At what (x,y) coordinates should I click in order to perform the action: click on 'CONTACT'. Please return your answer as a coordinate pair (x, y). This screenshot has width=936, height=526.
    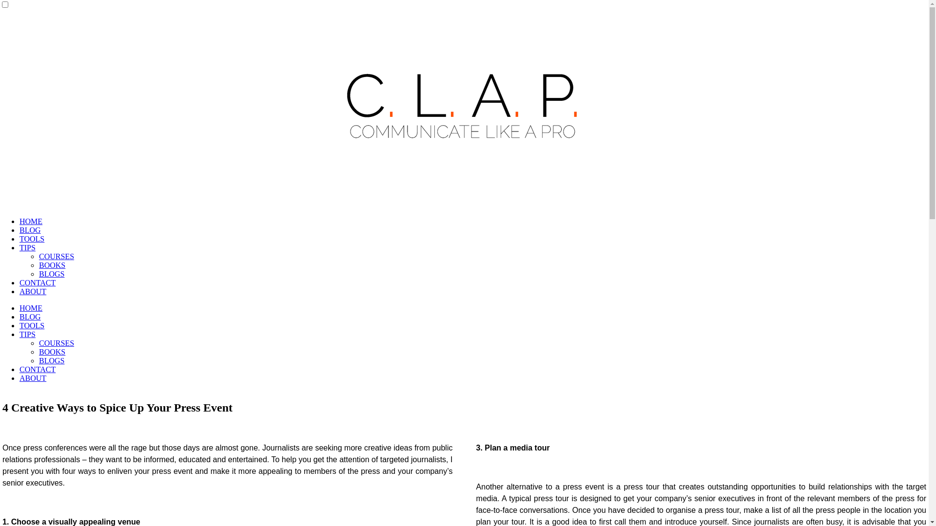
    Looking at the image, I should click on (37, 282).